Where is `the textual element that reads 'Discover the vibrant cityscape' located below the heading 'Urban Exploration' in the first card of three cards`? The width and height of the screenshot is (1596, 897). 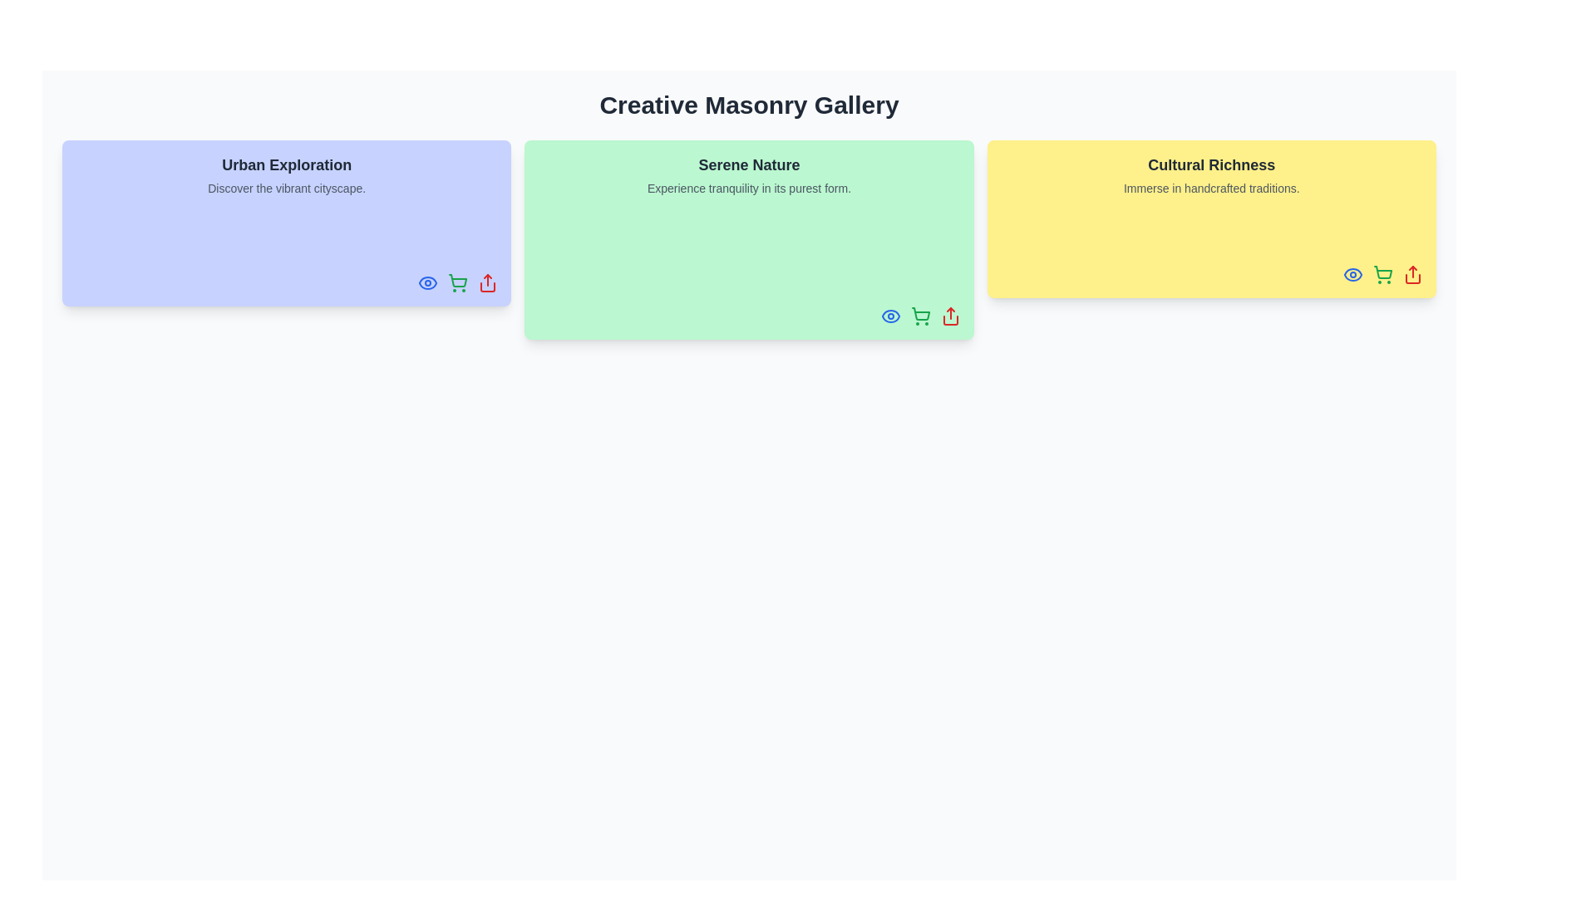 the textual element that reads 'Discover the vibrant cityscape' located below the heading 'Urban Exploration' in the first card of three cards is located at coordinates (287, 188).